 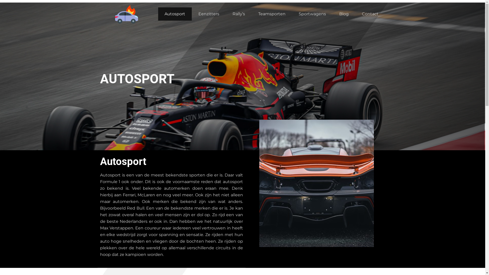 What do you see at coordinates (344, 13) in the screenshot?
I see `'Blog'` at bounding box center [344, 13].